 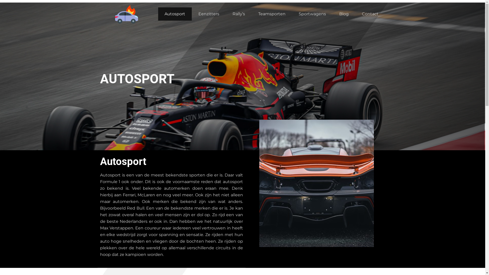 What do you see at coordinates (344, 13) in the screenshot?
I see `'Blog'` at bounding box center [344, 13].